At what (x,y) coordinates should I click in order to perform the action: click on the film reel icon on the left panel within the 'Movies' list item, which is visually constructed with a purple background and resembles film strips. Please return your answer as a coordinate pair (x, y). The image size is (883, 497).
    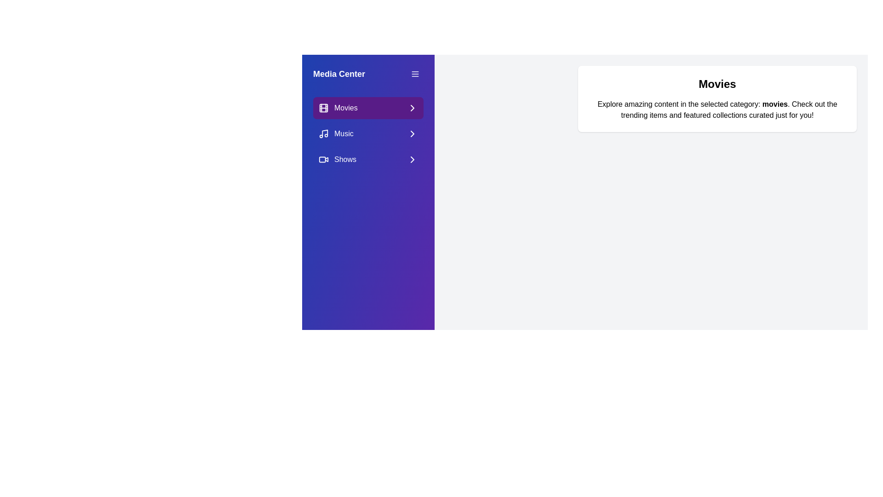
    Looking at the image, I should click on (324, 108).